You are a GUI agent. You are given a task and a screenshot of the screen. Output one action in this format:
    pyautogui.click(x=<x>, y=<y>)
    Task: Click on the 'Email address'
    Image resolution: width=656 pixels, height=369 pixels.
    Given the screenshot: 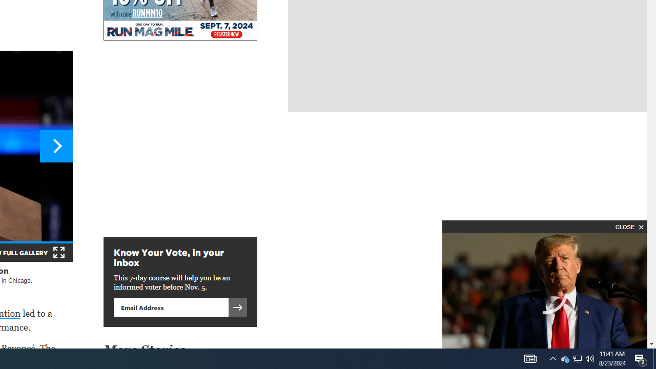 What is the action you would take?
    pyautogui.click(x=171, y=306)
    